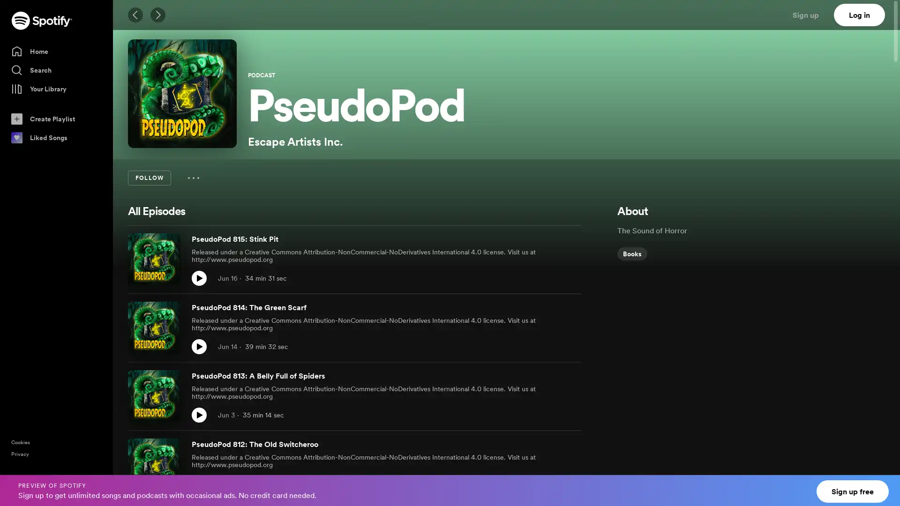  Describe the element at coordinates (149, 178) in the screenshot. I see `FOLLOW` at that location.